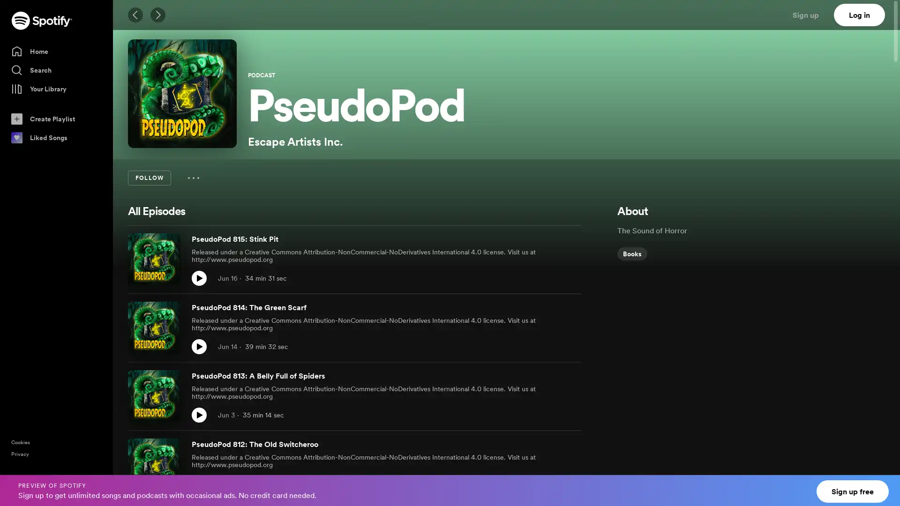  Describe the element at coordinates (149, 178) in the screenshot. I see `FOLLOW` at that location.